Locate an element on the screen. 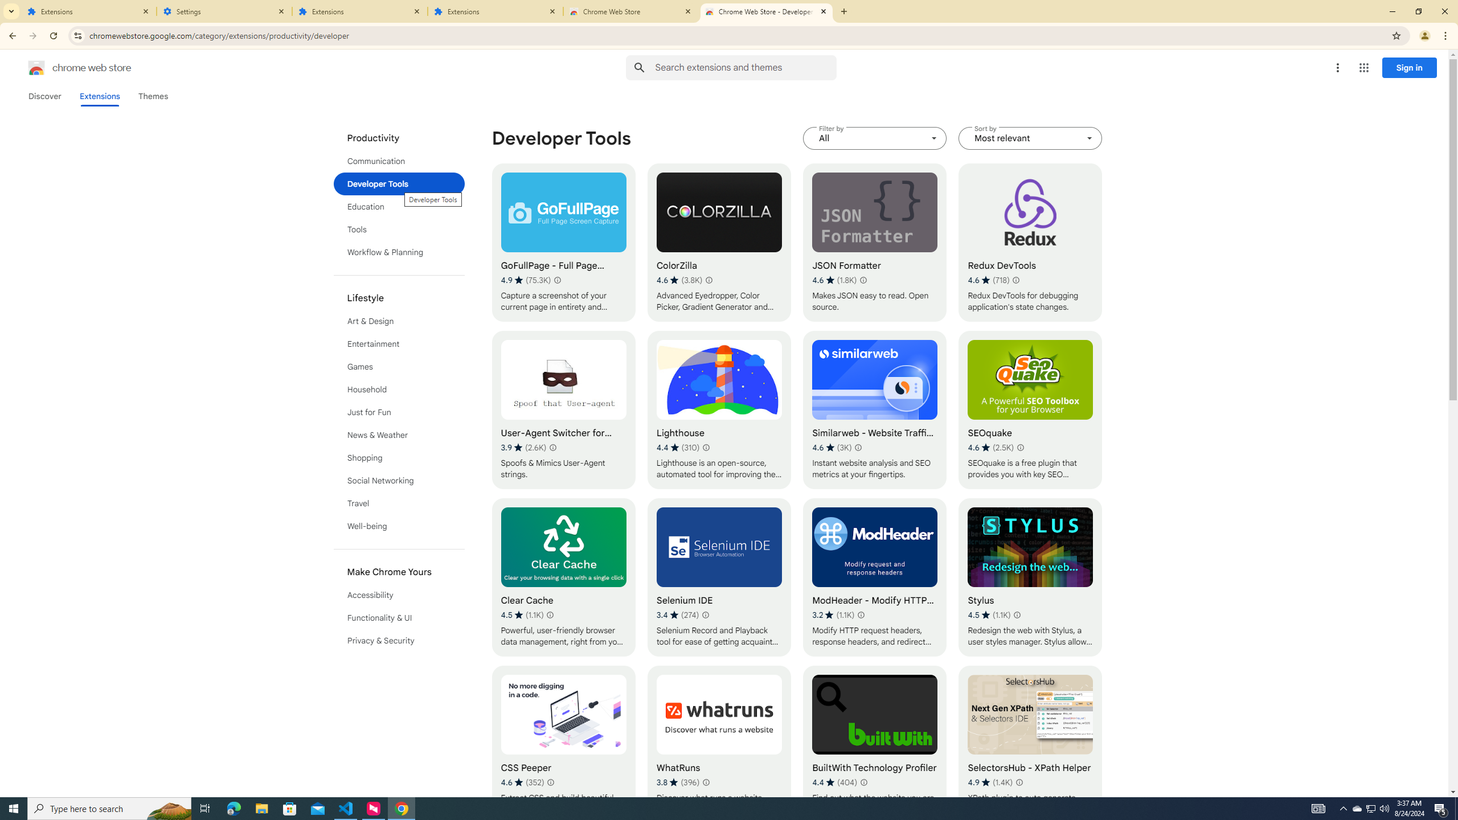 Image resolution: width=1458 pixels, height=820 pixels. 'Just for Fun' is located at coordinates (399, 412).